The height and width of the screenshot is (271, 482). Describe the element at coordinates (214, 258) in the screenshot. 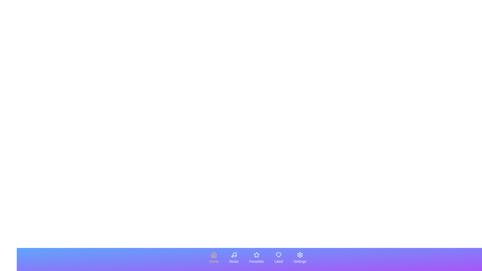

I see `the tab labeled Home by clicking on its icon or label` at that location.